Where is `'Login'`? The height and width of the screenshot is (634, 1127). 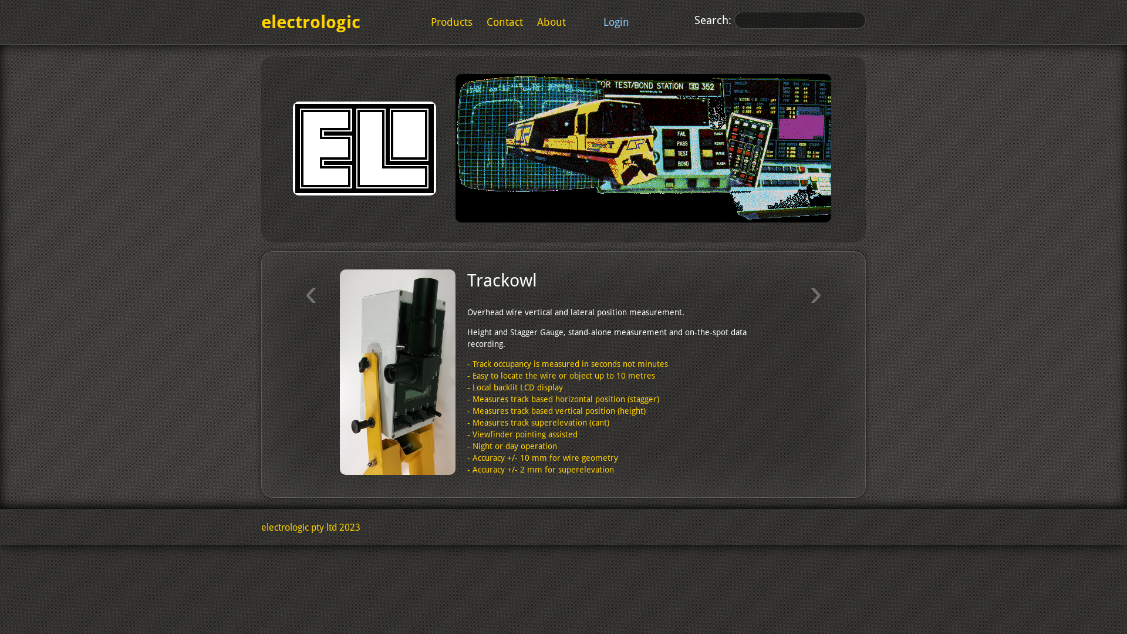 'Login' is located at coordinates (616, 22).